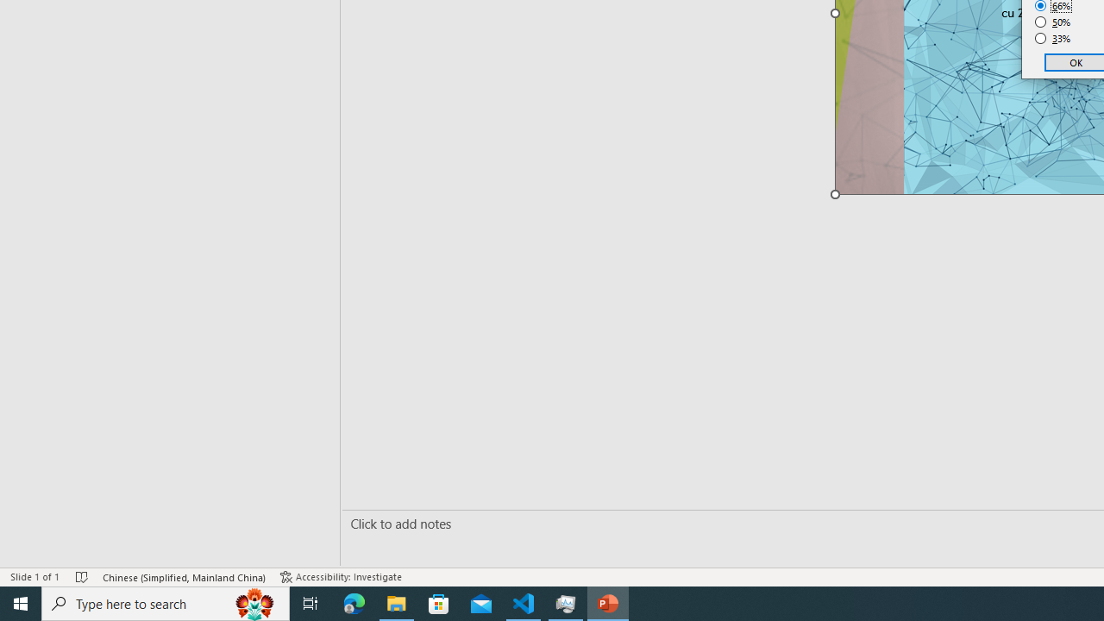 This screenshot has width=1104, height=621. I want to click on 'Type here to search', so click(166, 602).